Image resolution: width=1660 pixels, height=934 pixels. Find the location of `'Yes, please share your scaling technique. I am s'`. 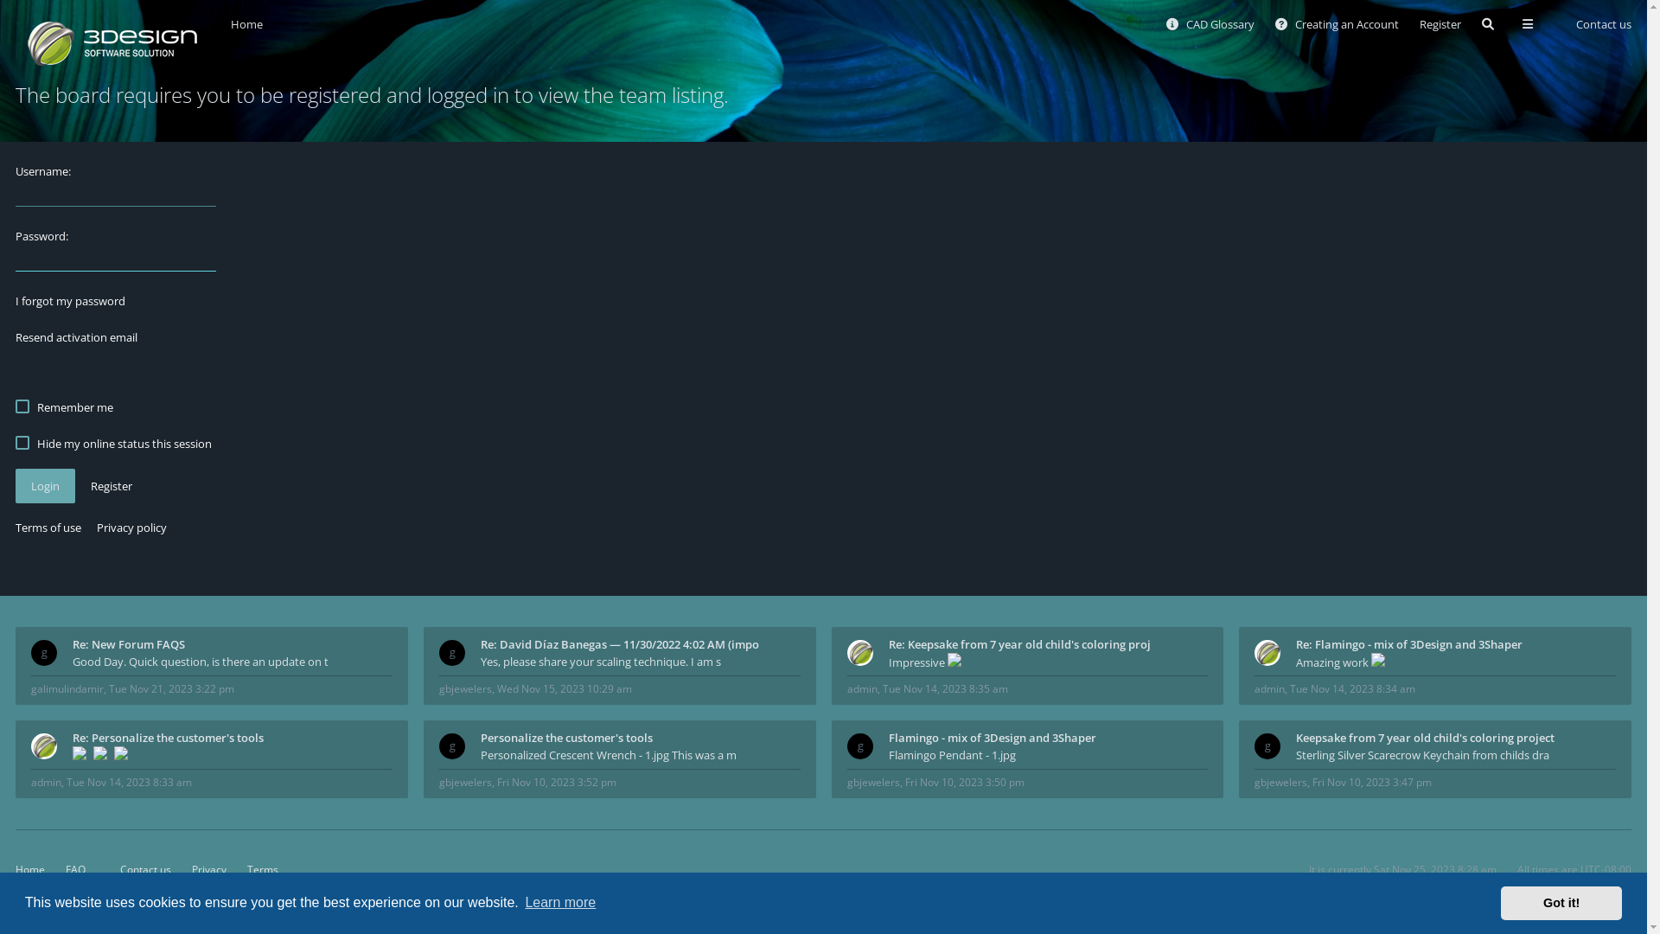

'Yes, please share your scaling technique. I am s' is located at coordinates (639, 661).